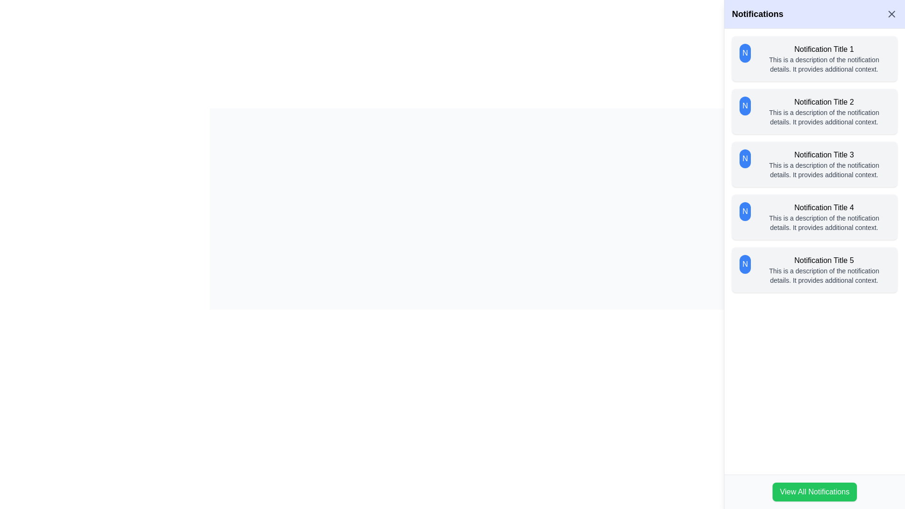 The height and width of the screenshot is (509, 905). I want to click on the second notification in the vertically stacked list, which provides information about a notification with a title and brief description, so click(814, 111).